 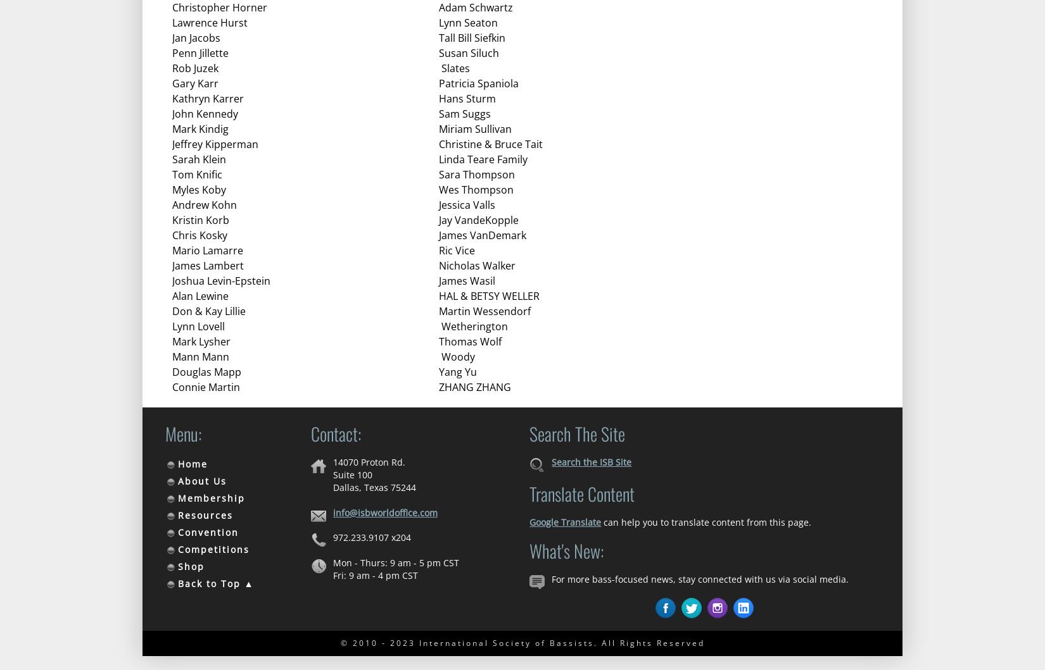 I want to click on 'Convention', so click(x=177, y=531).